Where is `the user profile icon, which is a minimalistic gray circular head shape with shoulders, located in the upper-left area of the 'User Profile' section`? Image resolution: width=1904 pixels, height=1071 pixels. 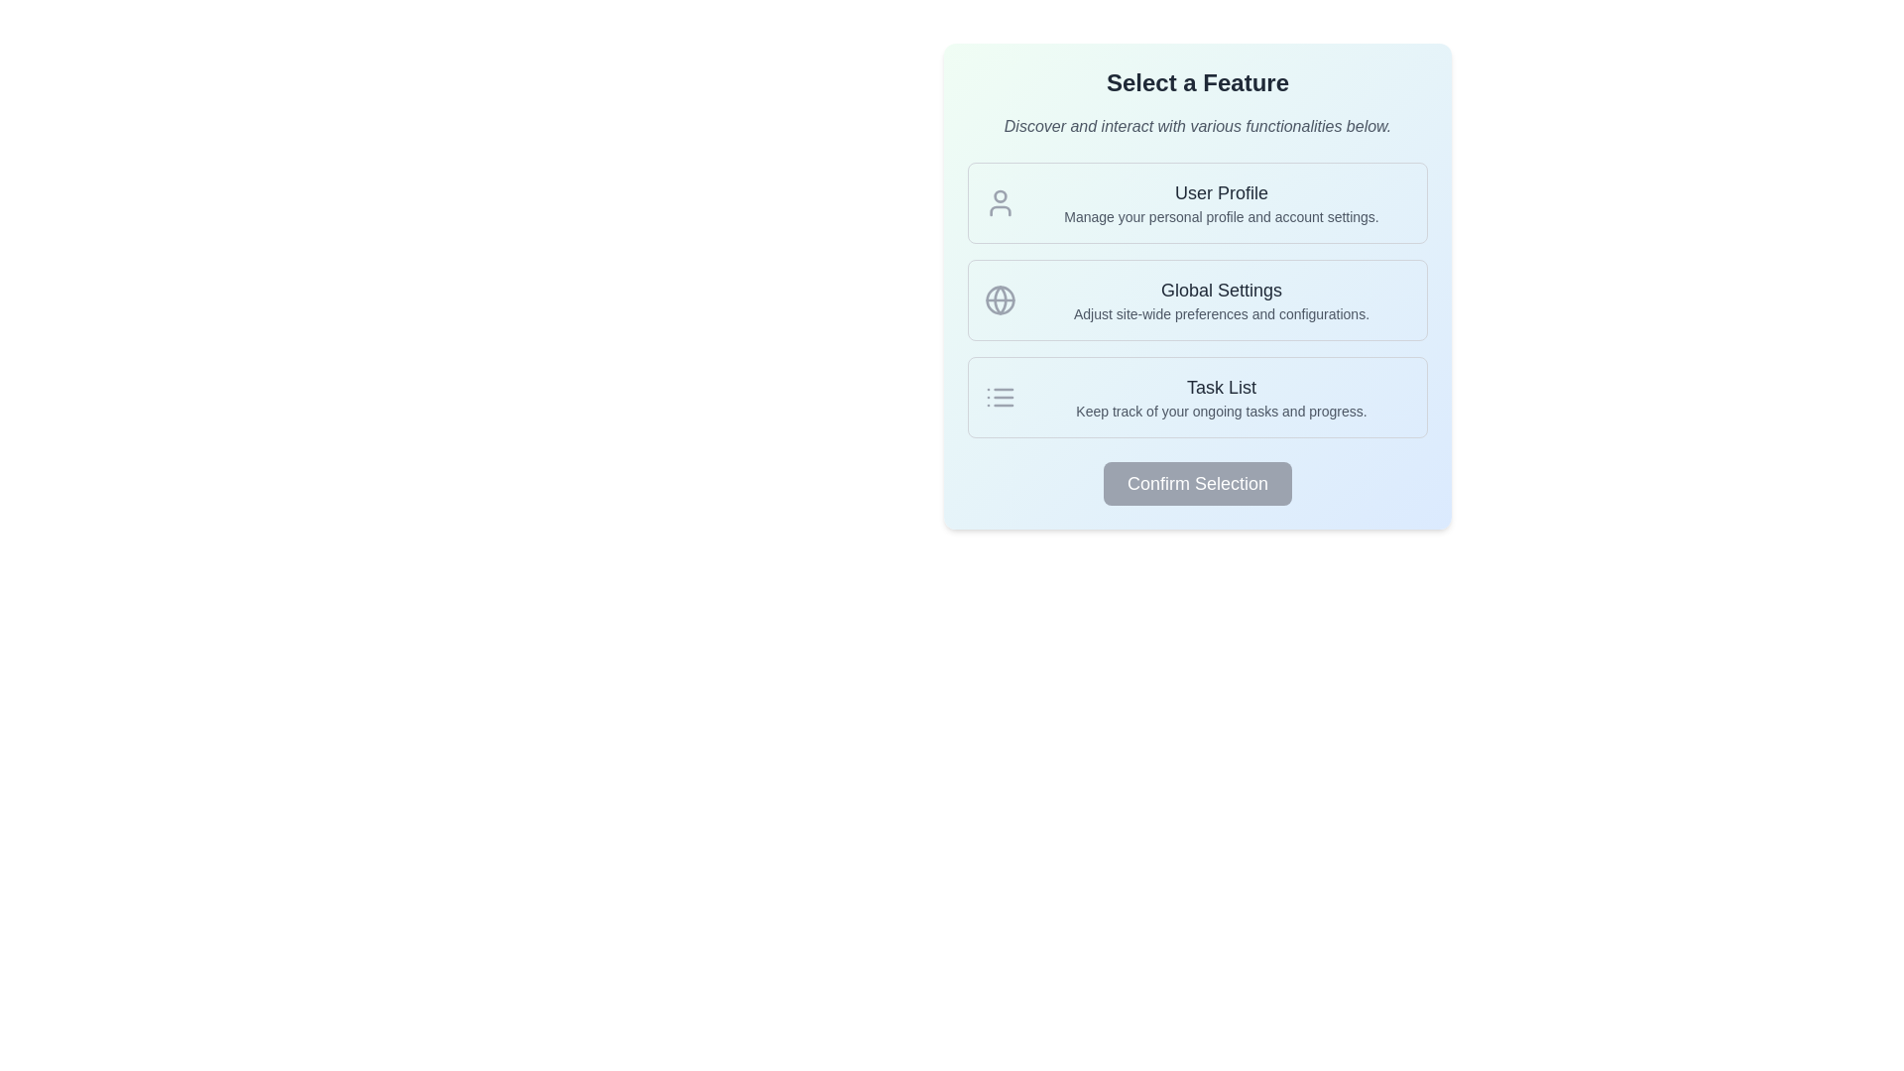
the user profile icon, which is a minimalistic gray circular head shape with shoulders, located in the upper-left area of the 'User Profile' section is located at coordinates (1000, 202).